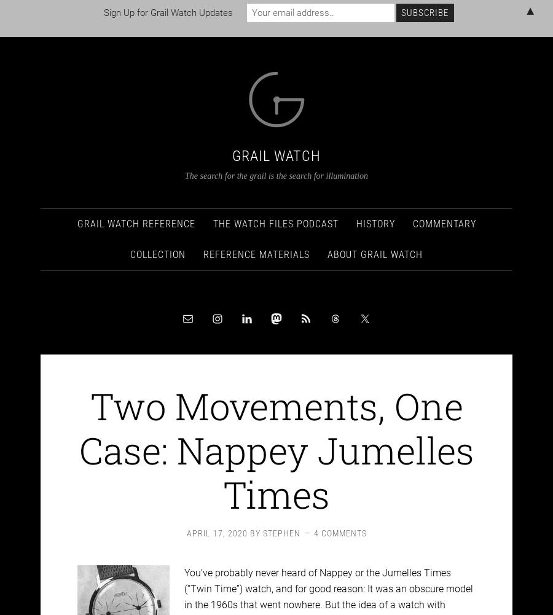 The width and height of the screenshot is (553, 615). Describe the element at coordinates (136, 213) in the screenshot. I see `'Grail Watch Reference'` at that location.